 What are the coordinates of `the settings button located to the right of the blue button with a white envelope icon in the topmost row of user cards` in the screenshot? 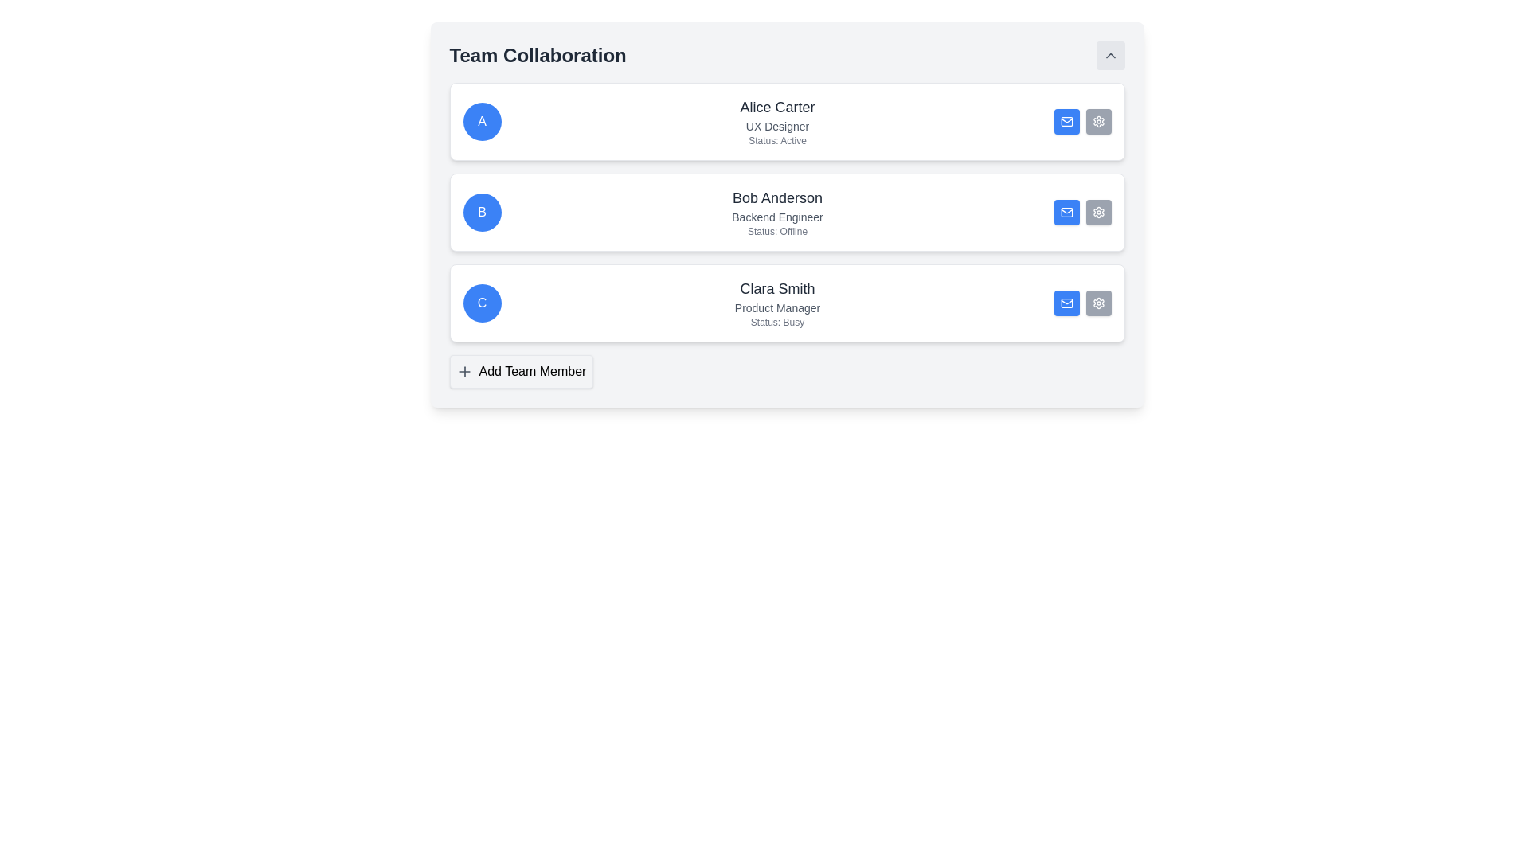 It's located at (1097, 121).